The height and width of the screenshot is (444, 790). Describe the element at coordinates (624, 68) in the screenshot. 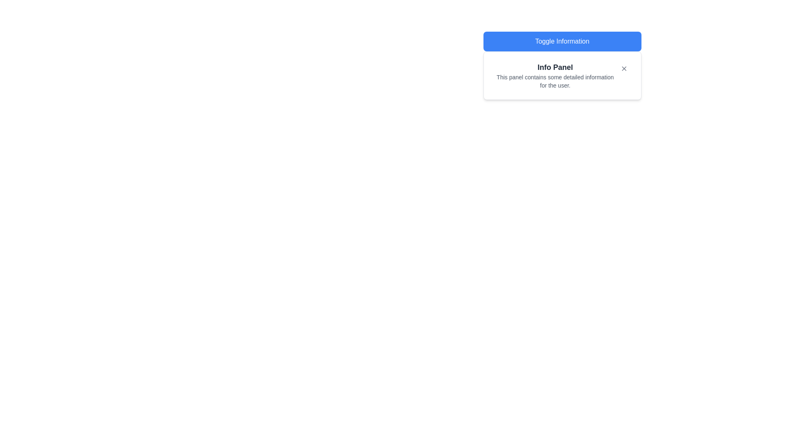

I see `the close button icon located in the top-right corner of the 'Info Panel' to change its color and indicate interactivity` at that location.